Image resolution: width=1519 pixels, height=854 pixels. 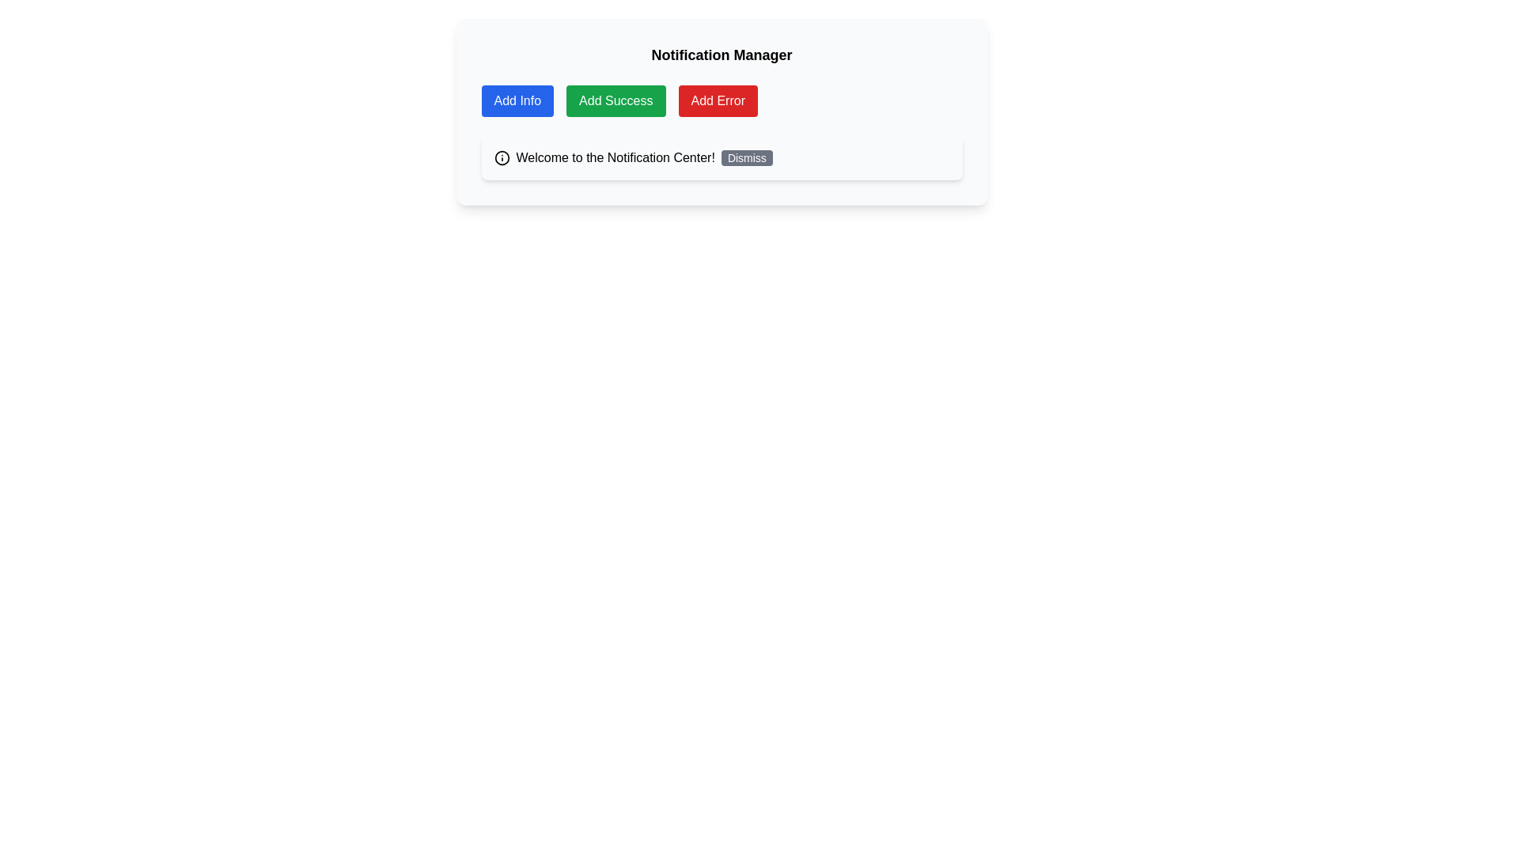 What do you see at coordinates (717, 100) in the screenshot?
I see `the red rectangular button labeled 'Add Error'` at bounding box center [717, 100].